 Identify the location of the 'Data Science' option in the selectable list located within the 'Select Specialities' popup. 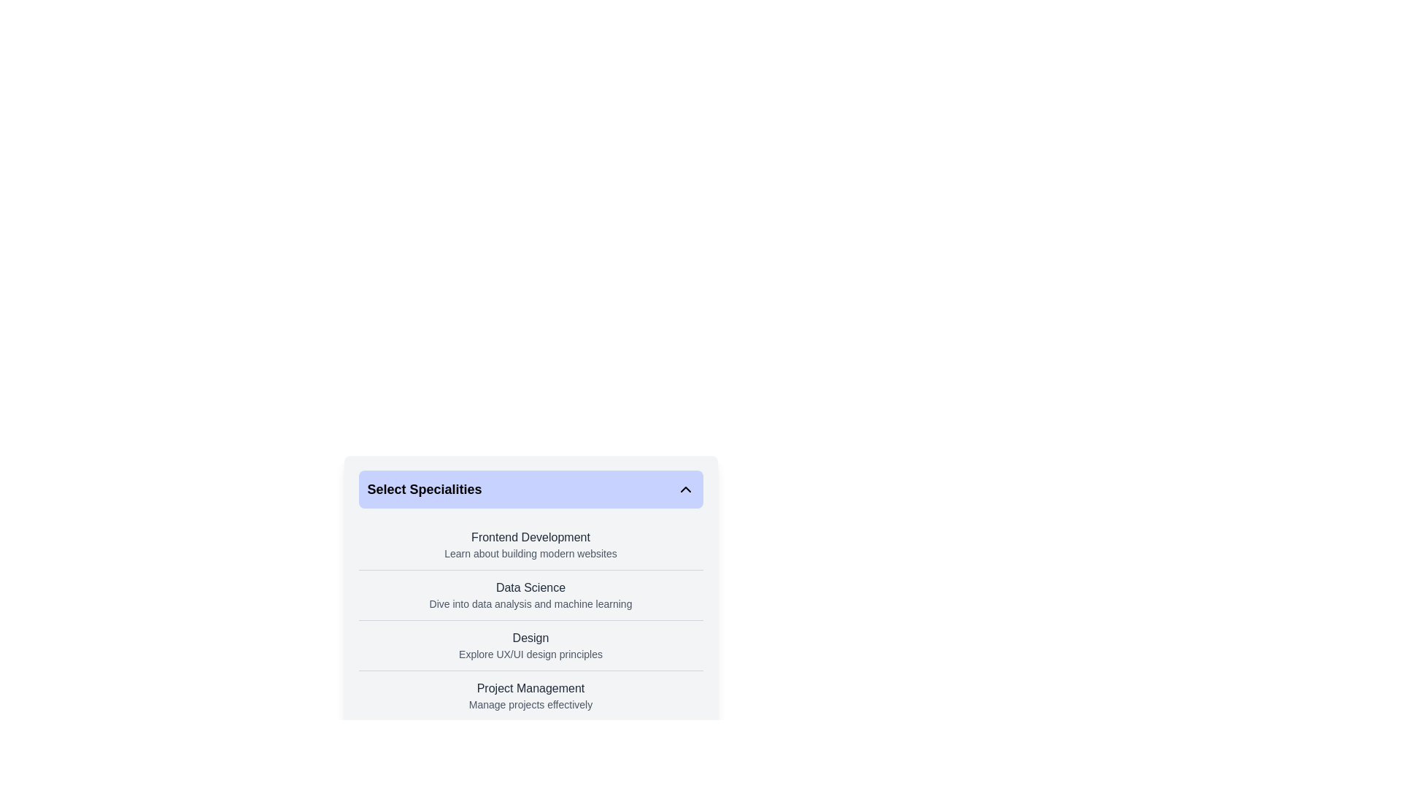
(530, 564).